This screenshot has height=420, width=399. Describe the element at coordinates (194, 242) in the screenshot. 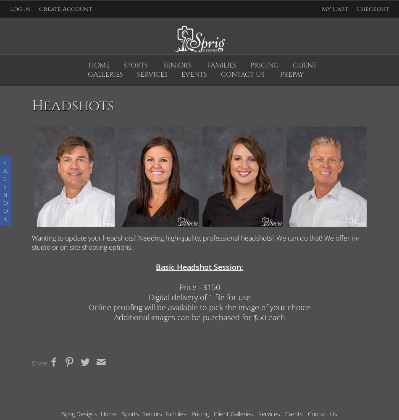

I see `'Wanting to update your headshots? Needing high-quality, professional headshots? We can do that! We offer in-studio or on-site shooting options.'` at that location.